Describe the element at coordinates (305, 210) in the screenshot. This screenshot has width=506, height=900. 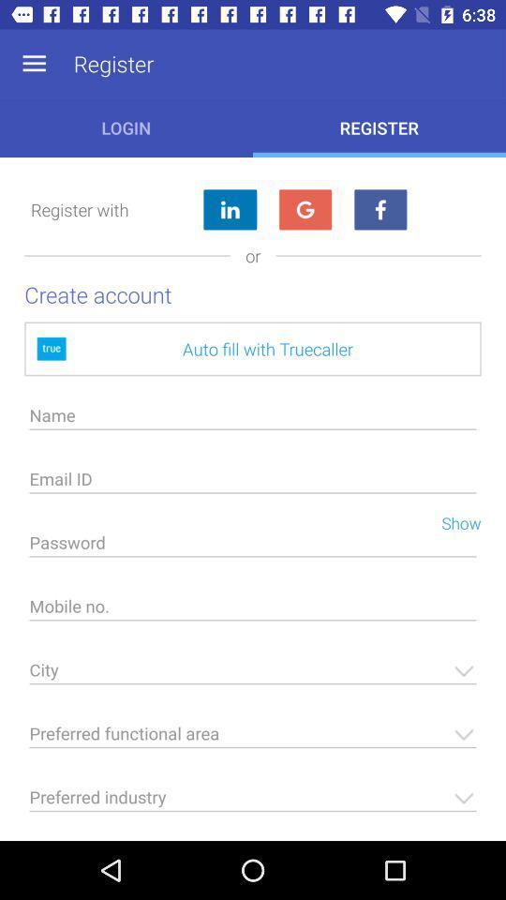
I see `google` at that location.